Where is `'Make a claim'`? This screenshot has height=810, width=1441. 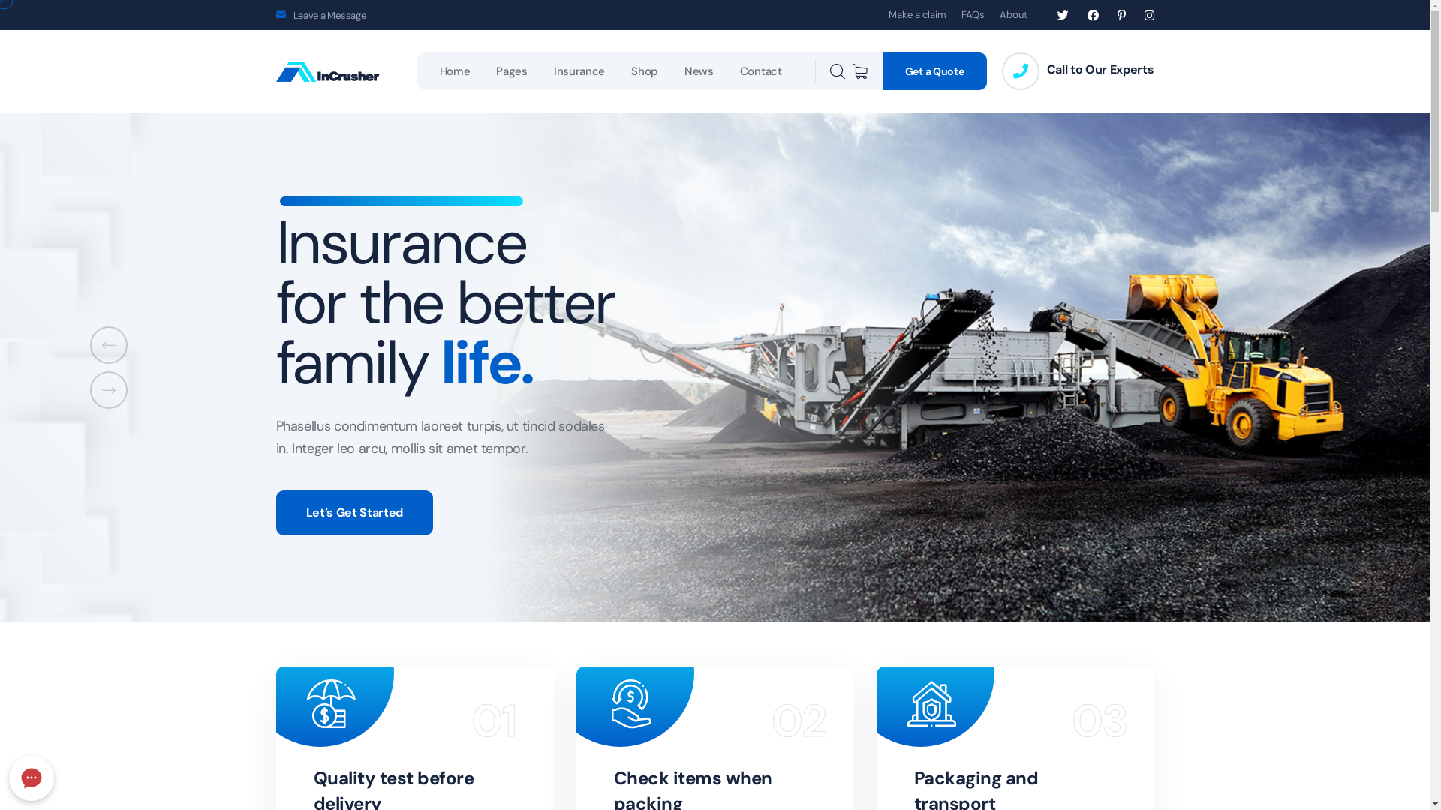
'Make a claim' is located at coordinates (916, 14).